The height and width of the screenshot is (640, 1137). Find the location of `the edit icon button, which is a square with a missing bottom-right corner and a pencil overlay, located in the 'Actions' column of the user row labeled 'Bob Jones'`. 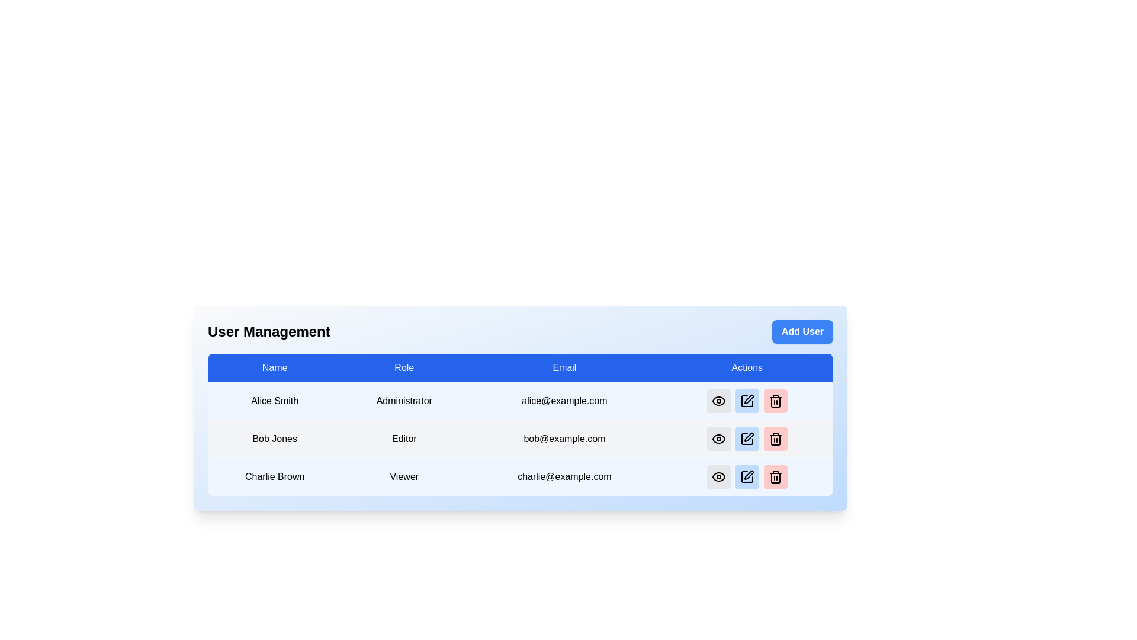

the edit icon button, which is a square with a missing bottom-right corner and a pencil overlay, located in the 'Actions' column of the user row labeled 'Bob Jones' is located at coordinates (746, 439).